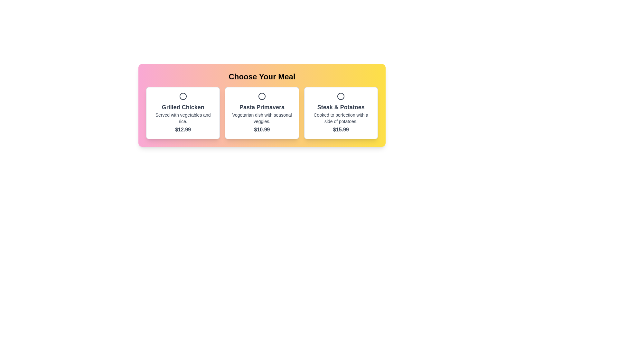 Image resolution: width=618 pixels, height=347 pixels. What do you see at coordinates (262, 96) in the screenshot?
I see `the radio button for 'Pasta Primavera'` at bounding box center [262, 96].